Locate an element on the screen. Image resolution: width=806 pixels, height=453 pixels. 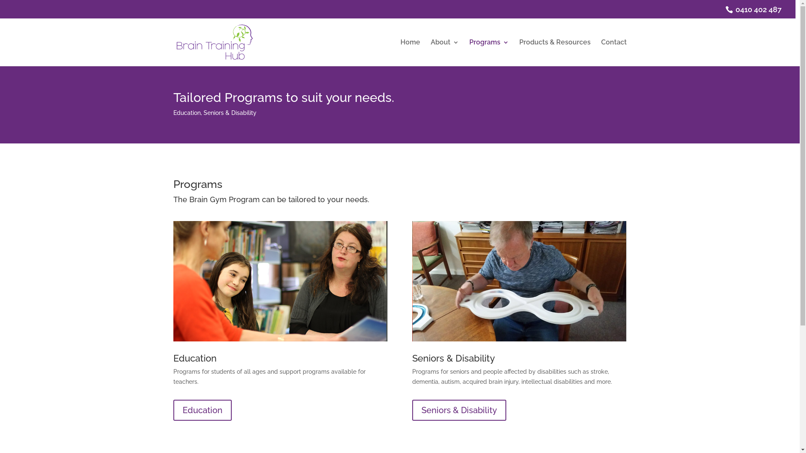
'Home' is located at coordinates (410, 53).